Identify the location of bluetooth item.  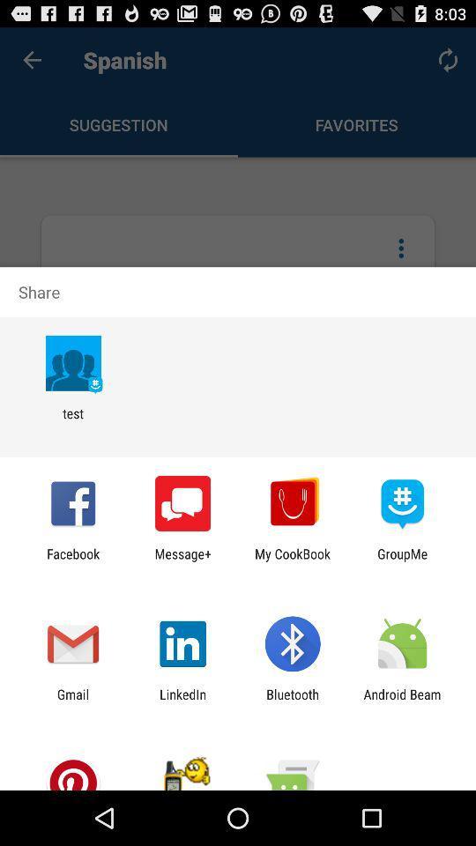
(293, 701).